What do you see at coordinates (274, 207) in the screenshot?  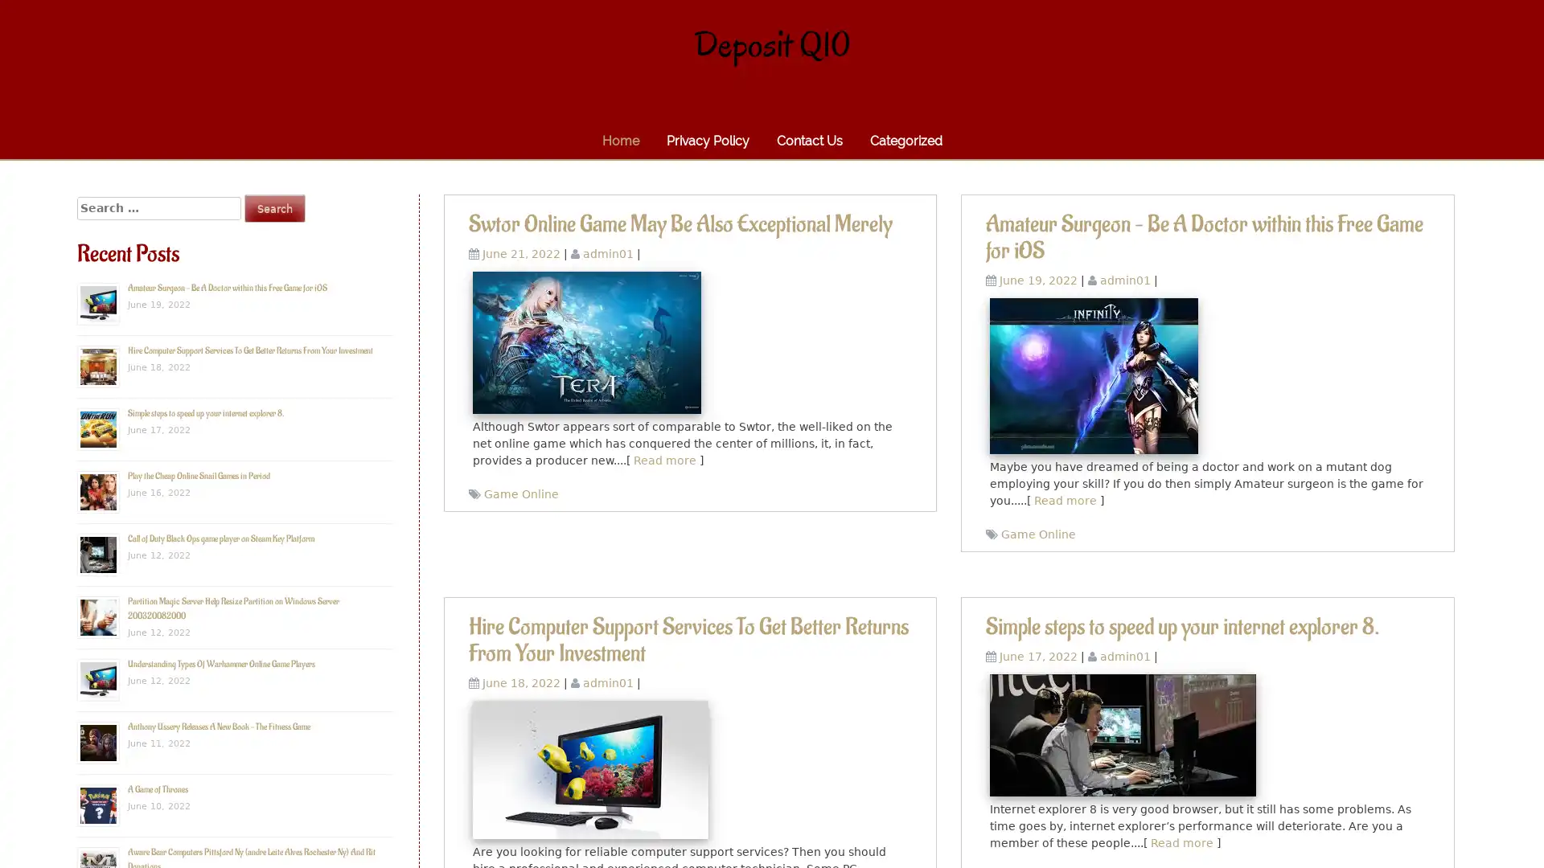 I see `Search` at bounding box center [274, 207].